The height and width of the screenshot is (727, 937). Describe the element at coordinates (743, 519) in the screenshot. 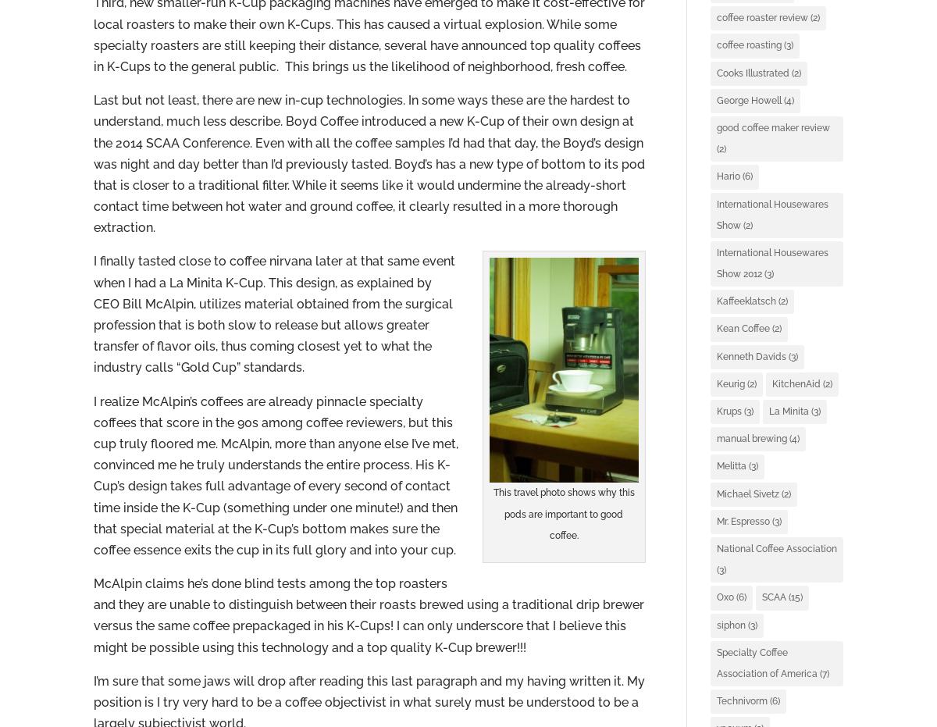

I see `'Mr. Espresso'` at that location.